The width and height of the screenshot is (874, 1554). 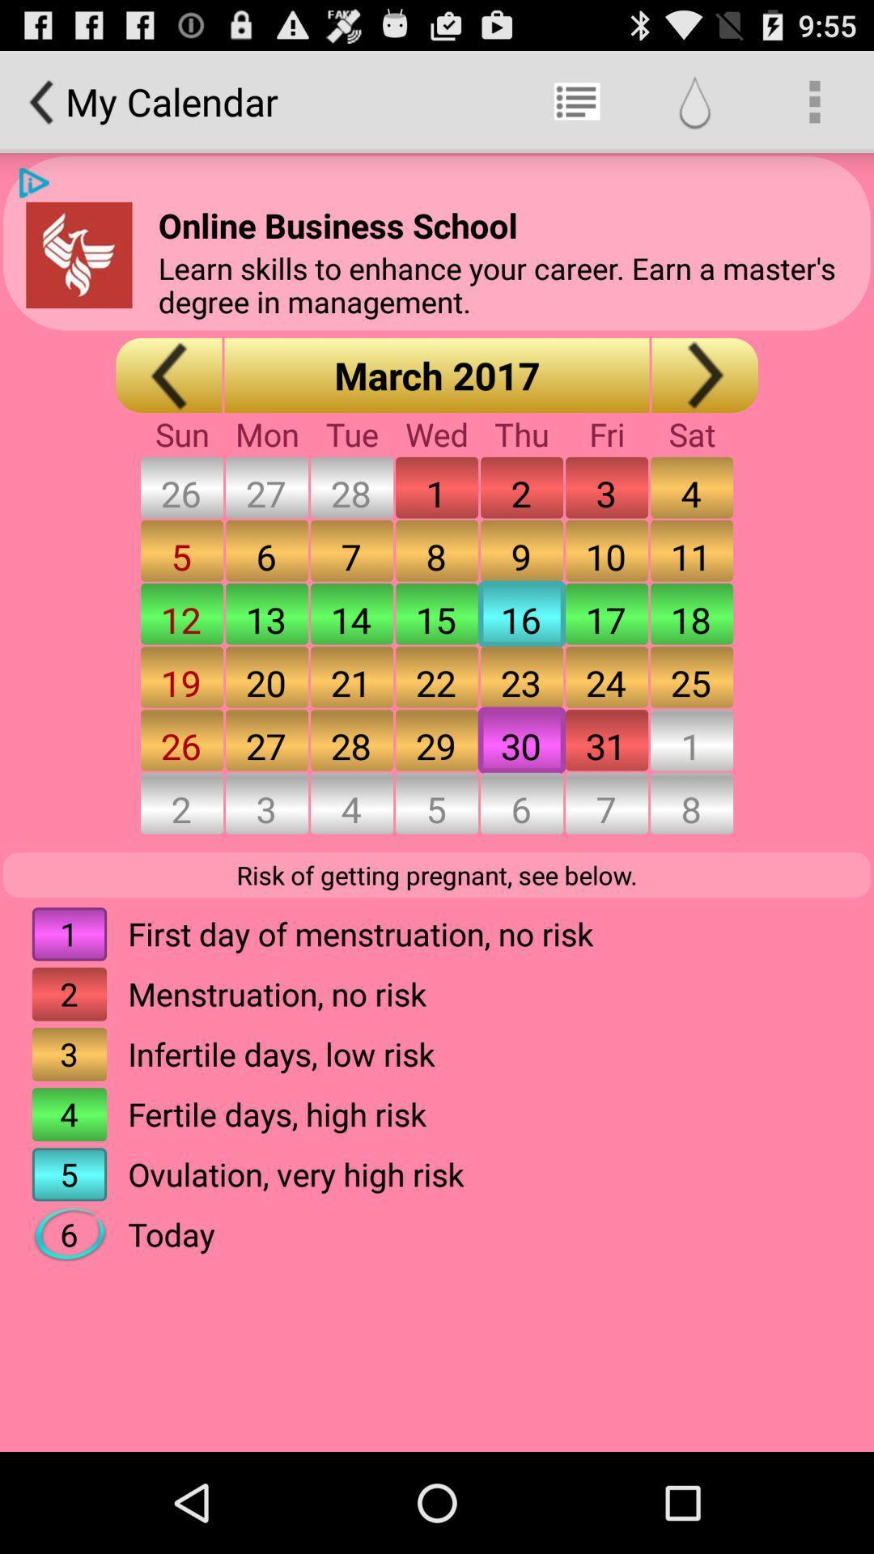 I want to click on next month, so click(x=704, y=374).